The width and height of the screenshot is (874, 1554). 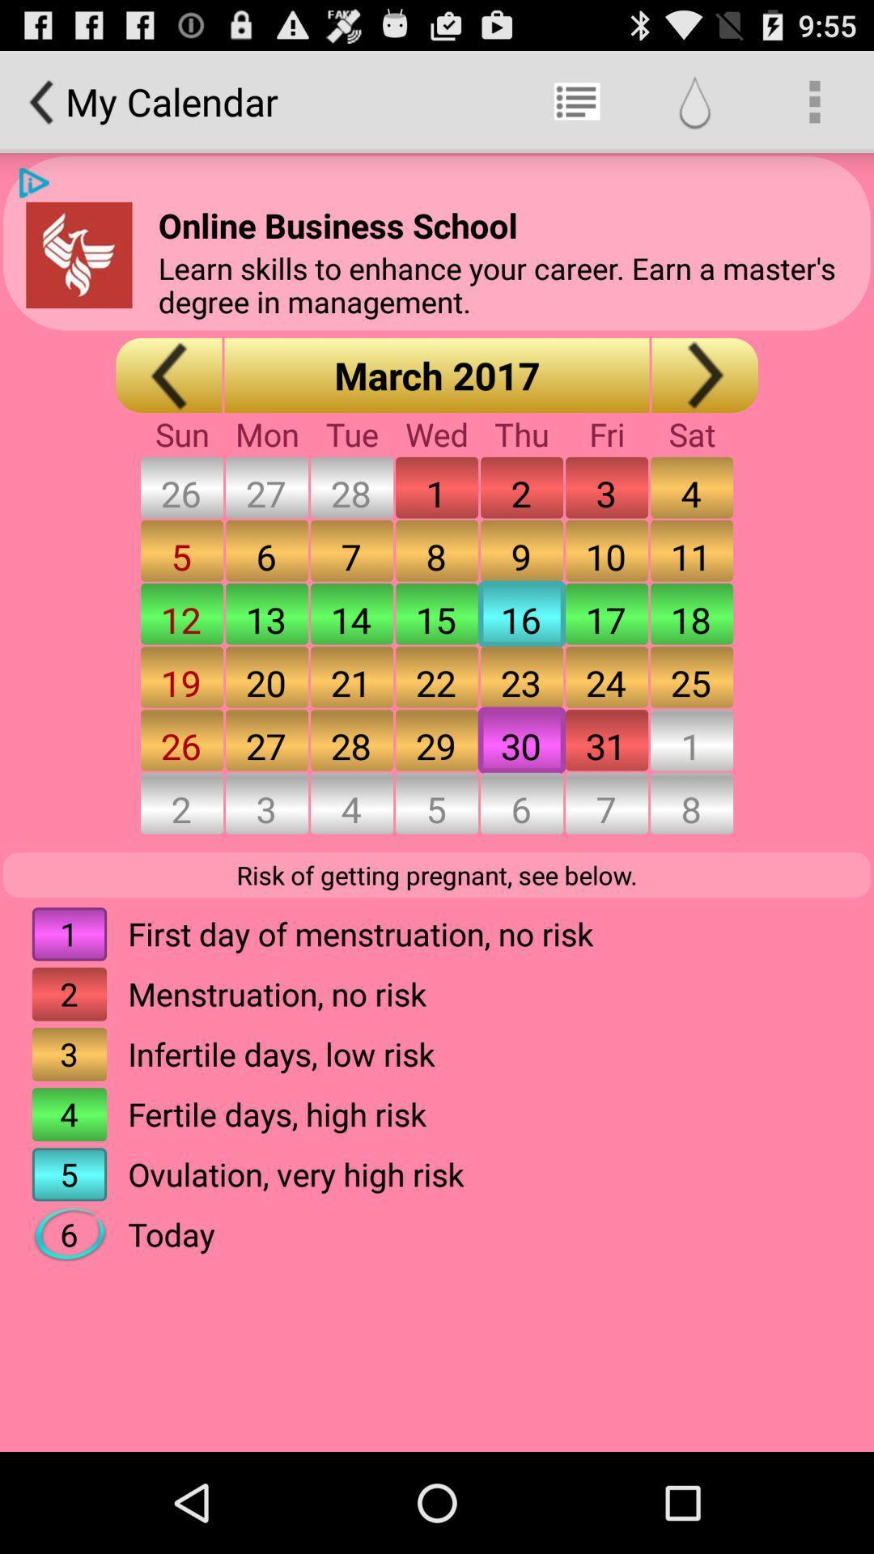 I want to click on next month, so click(x=704, y=374).